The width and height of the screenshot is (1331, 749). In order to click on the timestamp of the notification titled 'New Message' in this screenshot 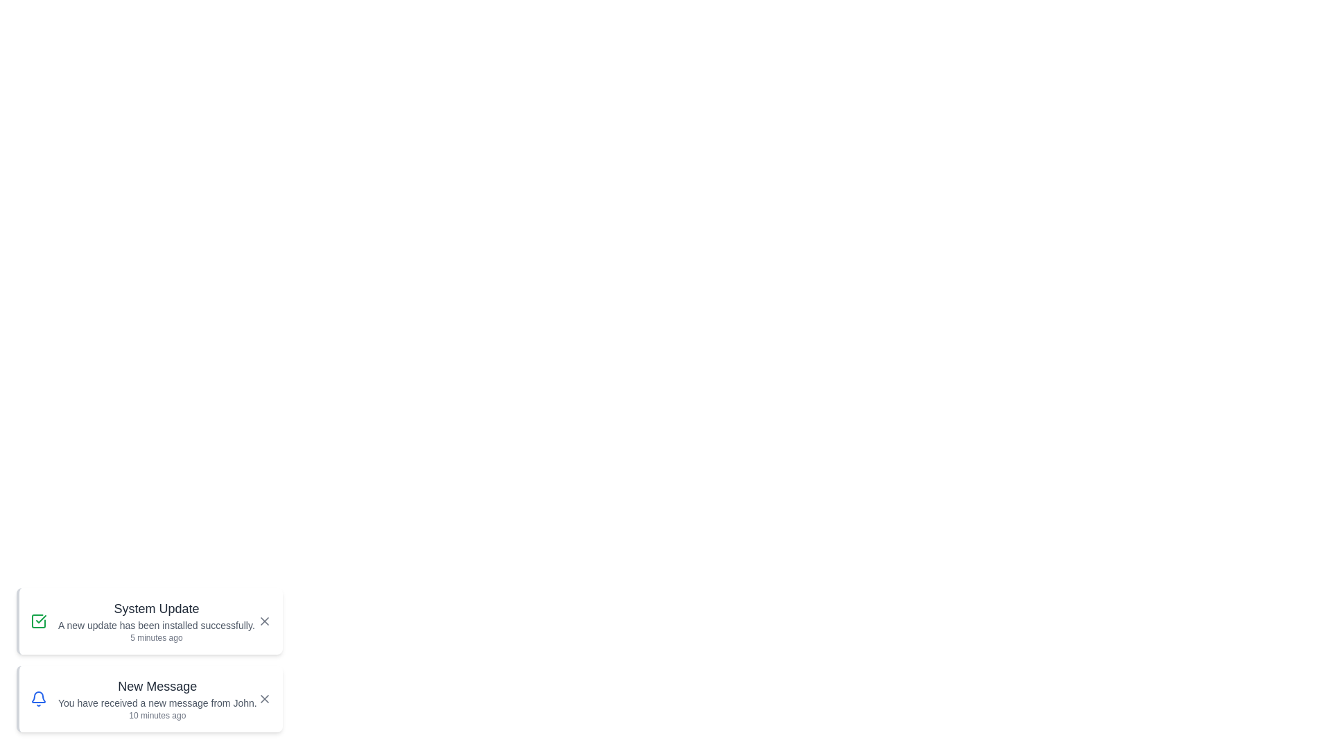, I will do `click(157, 716)`.